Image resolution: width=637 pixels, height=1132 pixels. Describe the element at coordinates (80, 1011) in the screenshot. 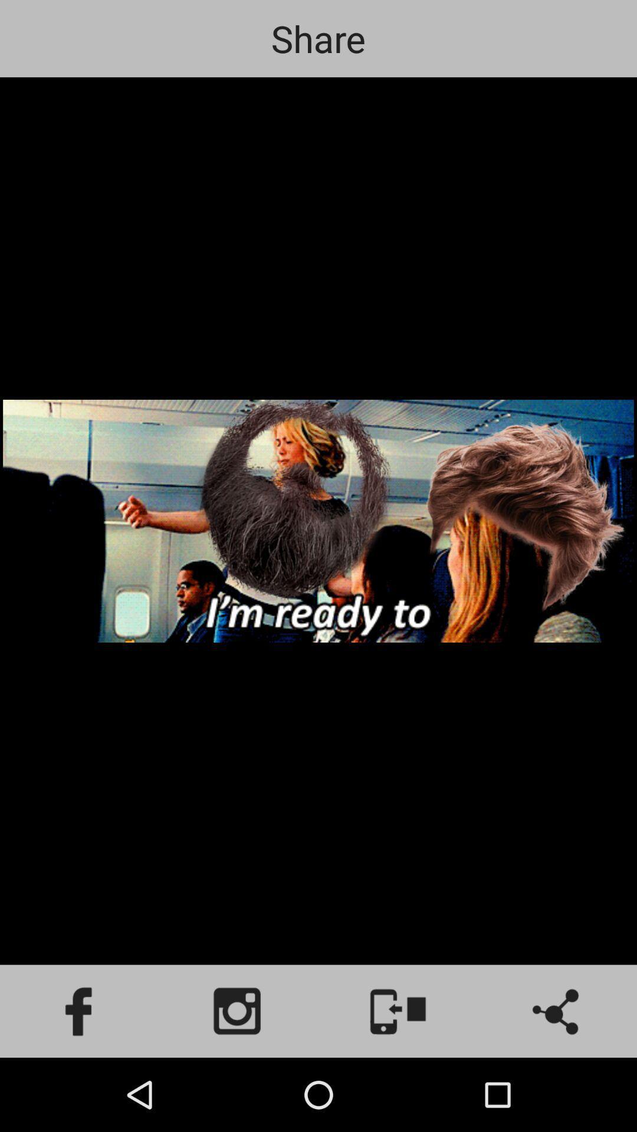

I see `facebook` at that location.